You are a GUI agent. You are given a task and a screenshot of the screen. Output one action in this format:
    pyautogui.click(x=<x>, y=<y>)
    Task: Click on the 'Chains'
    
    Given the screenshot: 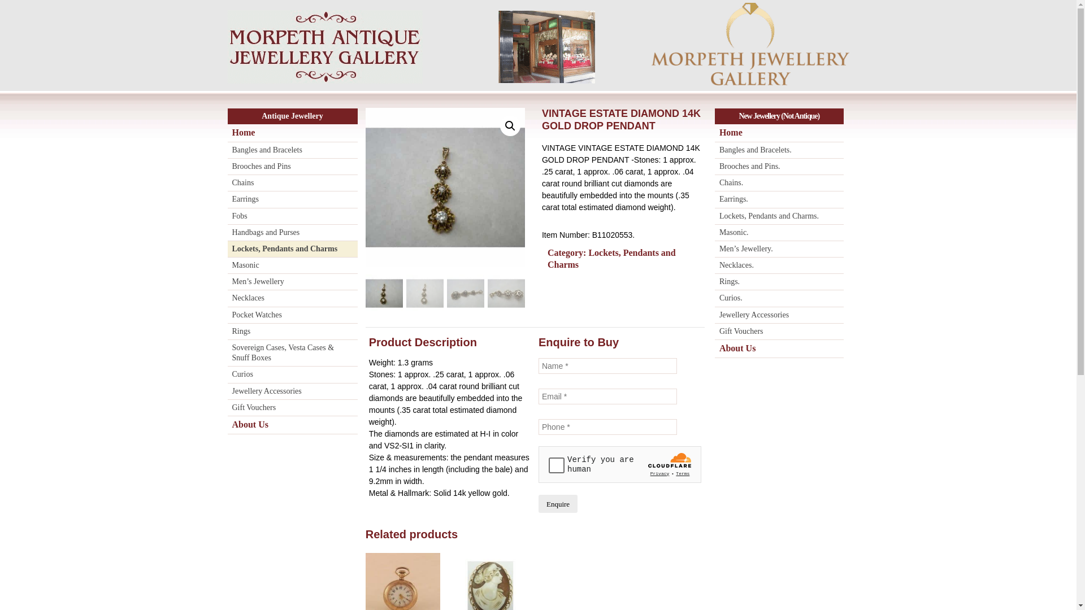 What is the action you would take?
    pyautogui.click(x=292, y=182)
    